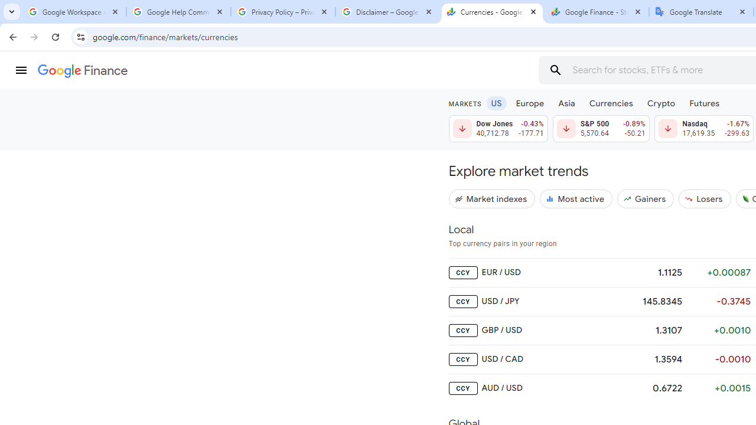  What do you see at coordinates (705, 198) in the screenshot?
I see `'Losers'` at bounding box center [705, 198].